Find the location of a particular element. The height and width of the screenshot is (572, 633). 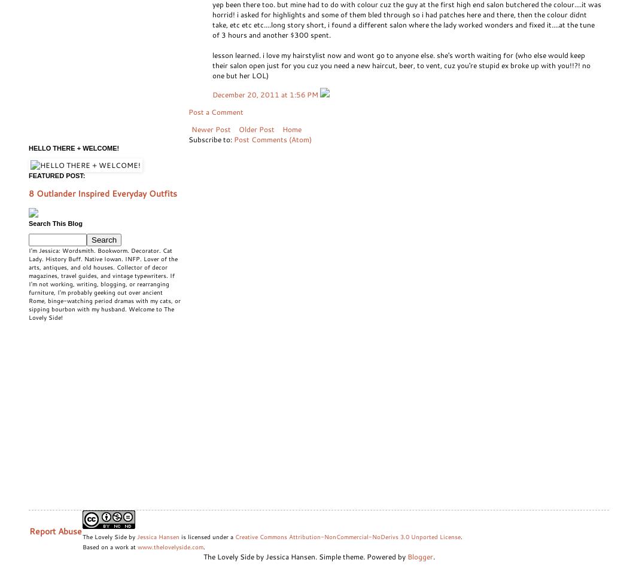

'FEATURED POST:' is located at coordinates (56, 175).